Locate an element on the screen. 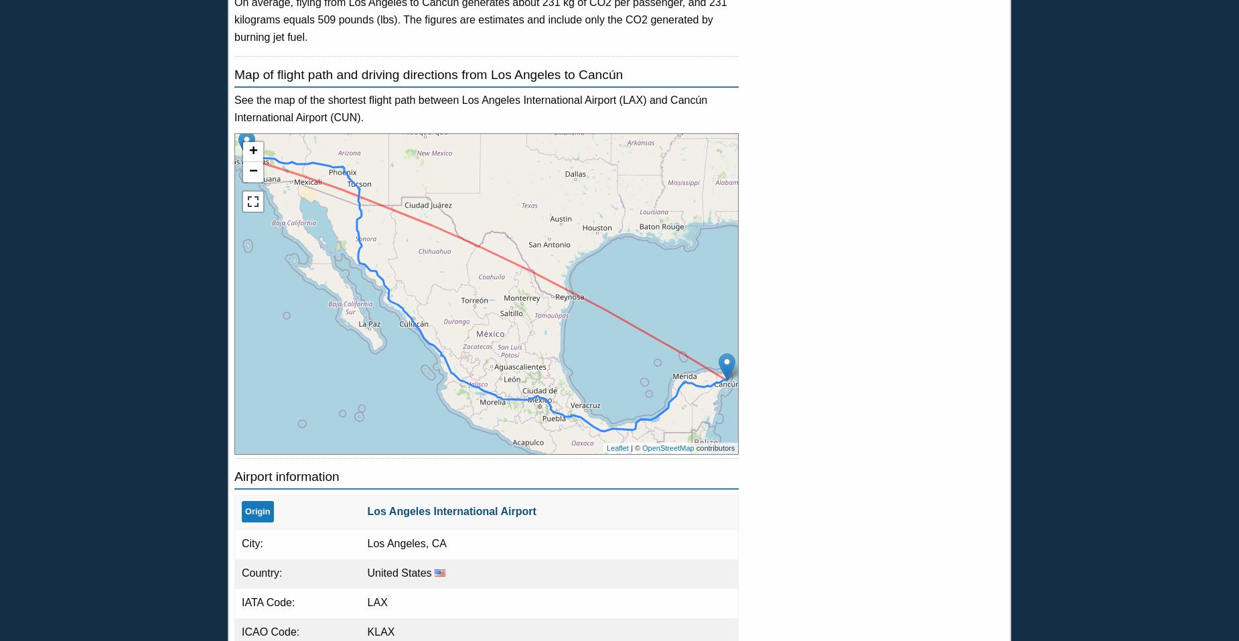 This screenshot has height=641, width=1239. 'IATA Code:' is located at coordinates (267, 601).